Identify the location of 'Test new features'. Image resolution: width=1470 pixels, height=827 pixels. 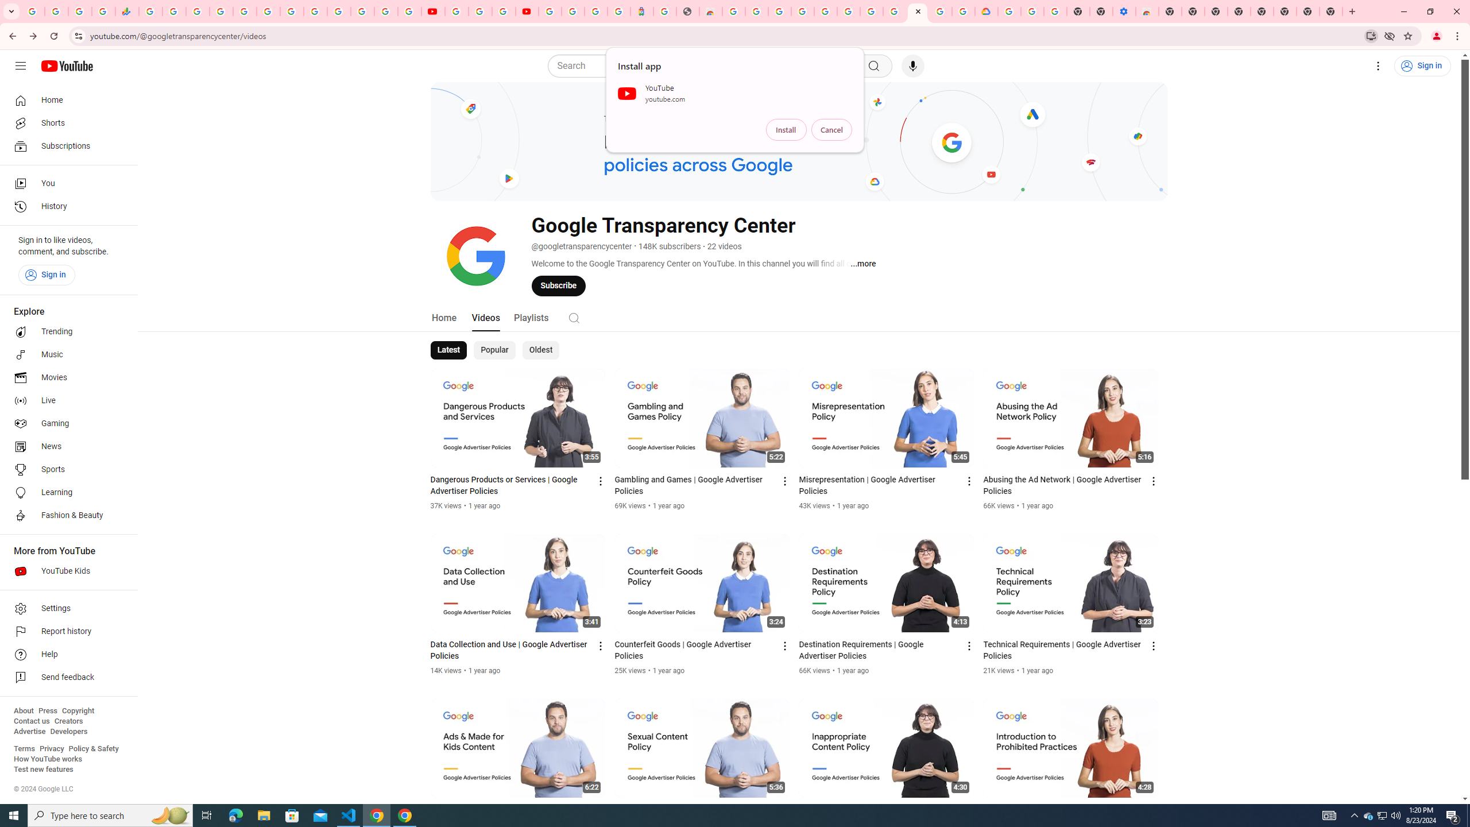
(42, 768).